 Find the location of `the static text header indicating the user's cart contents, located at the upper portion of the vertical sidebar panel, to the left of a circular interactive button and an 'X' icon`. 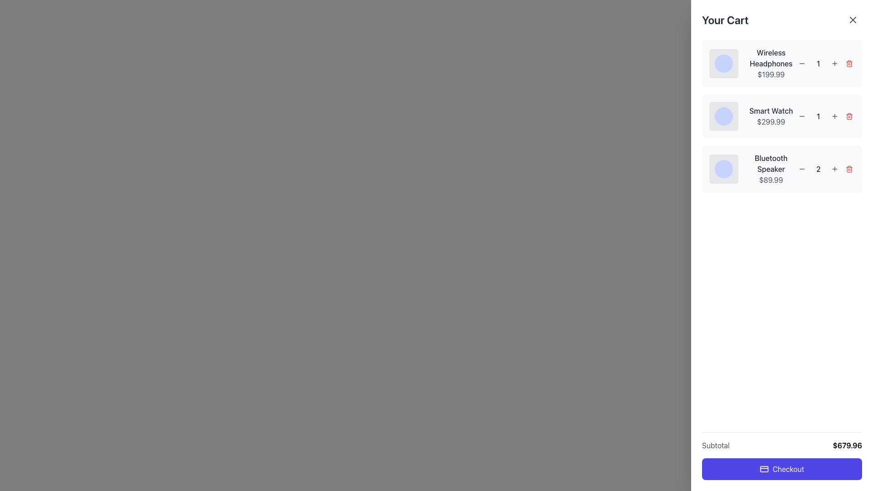

the static text header indicating the user's cart contents, located at the upper portion of the vertical sidebar panel, to the left of a circular interactive button and an 'X' icon is located at coordinates (725, 20).